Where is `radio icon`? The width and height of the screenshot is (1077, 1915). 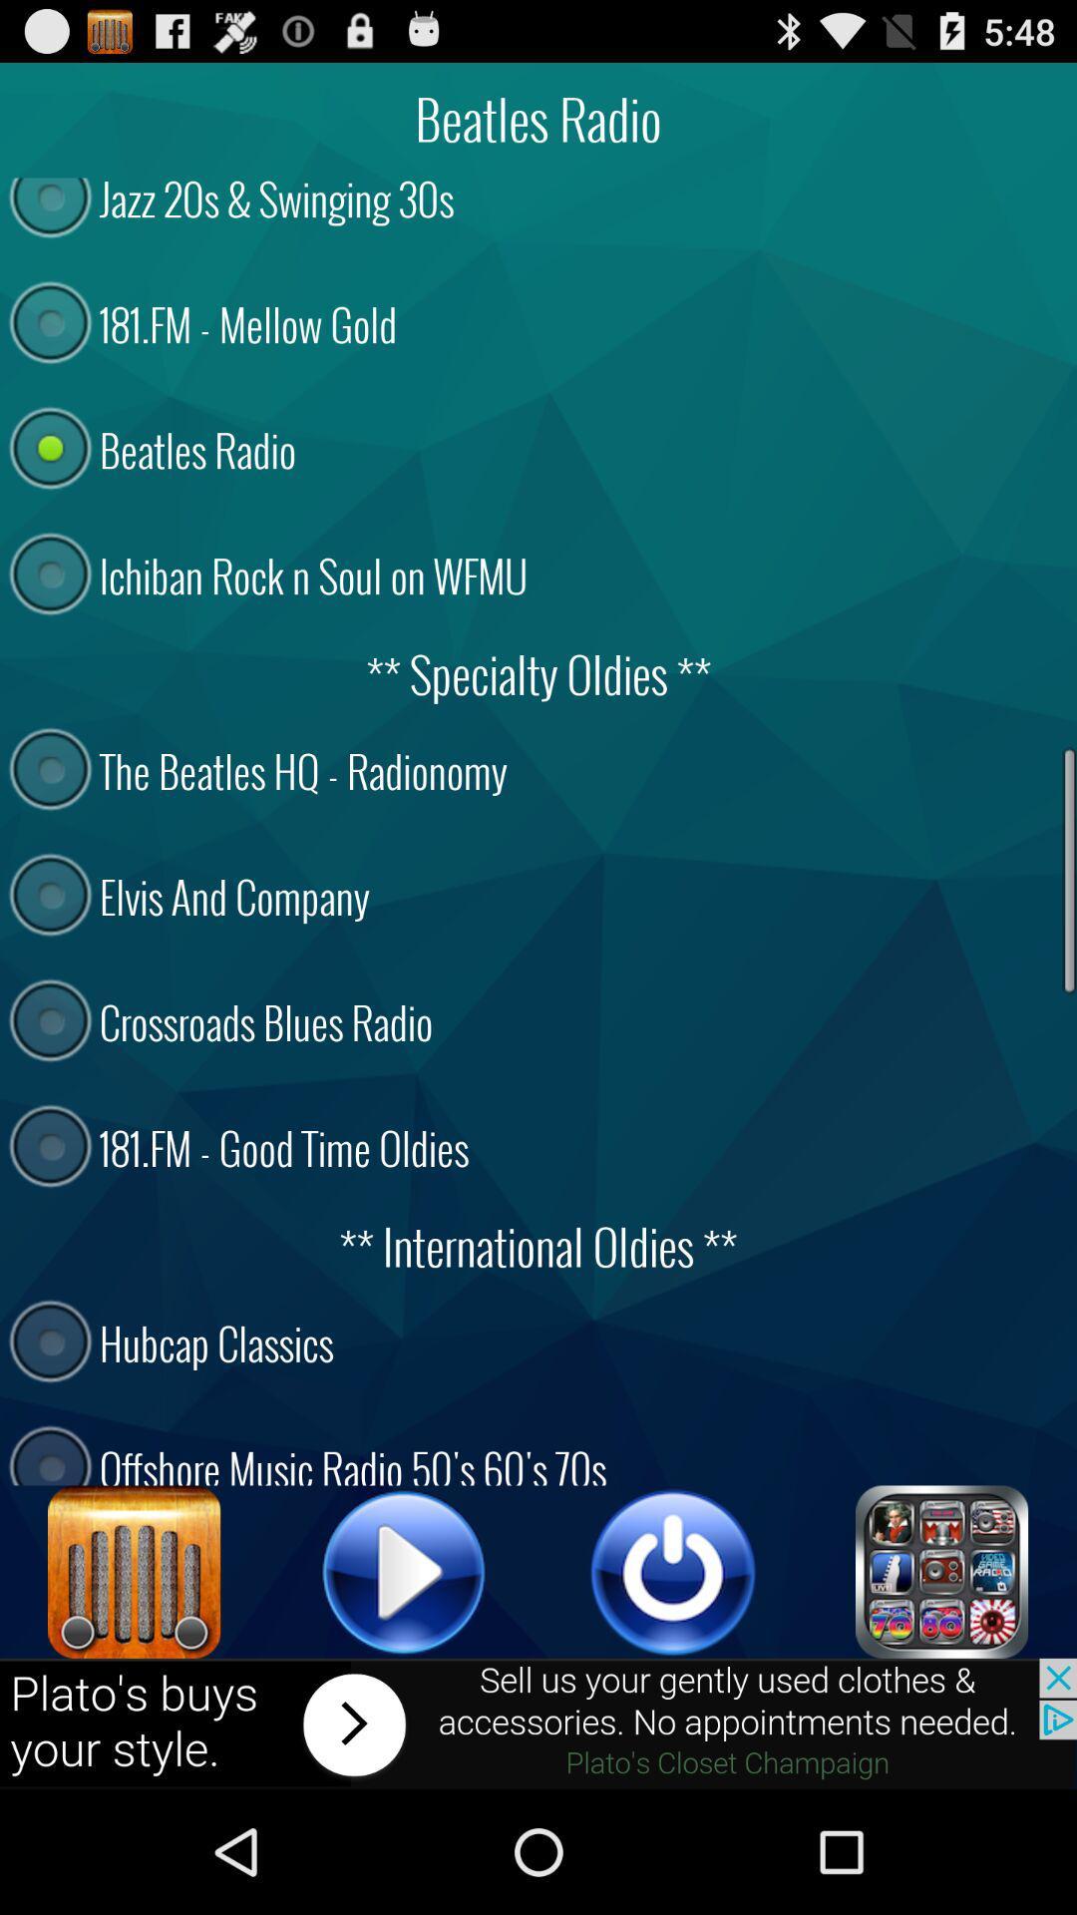
radio icon is located at coordinates (135, 1571).